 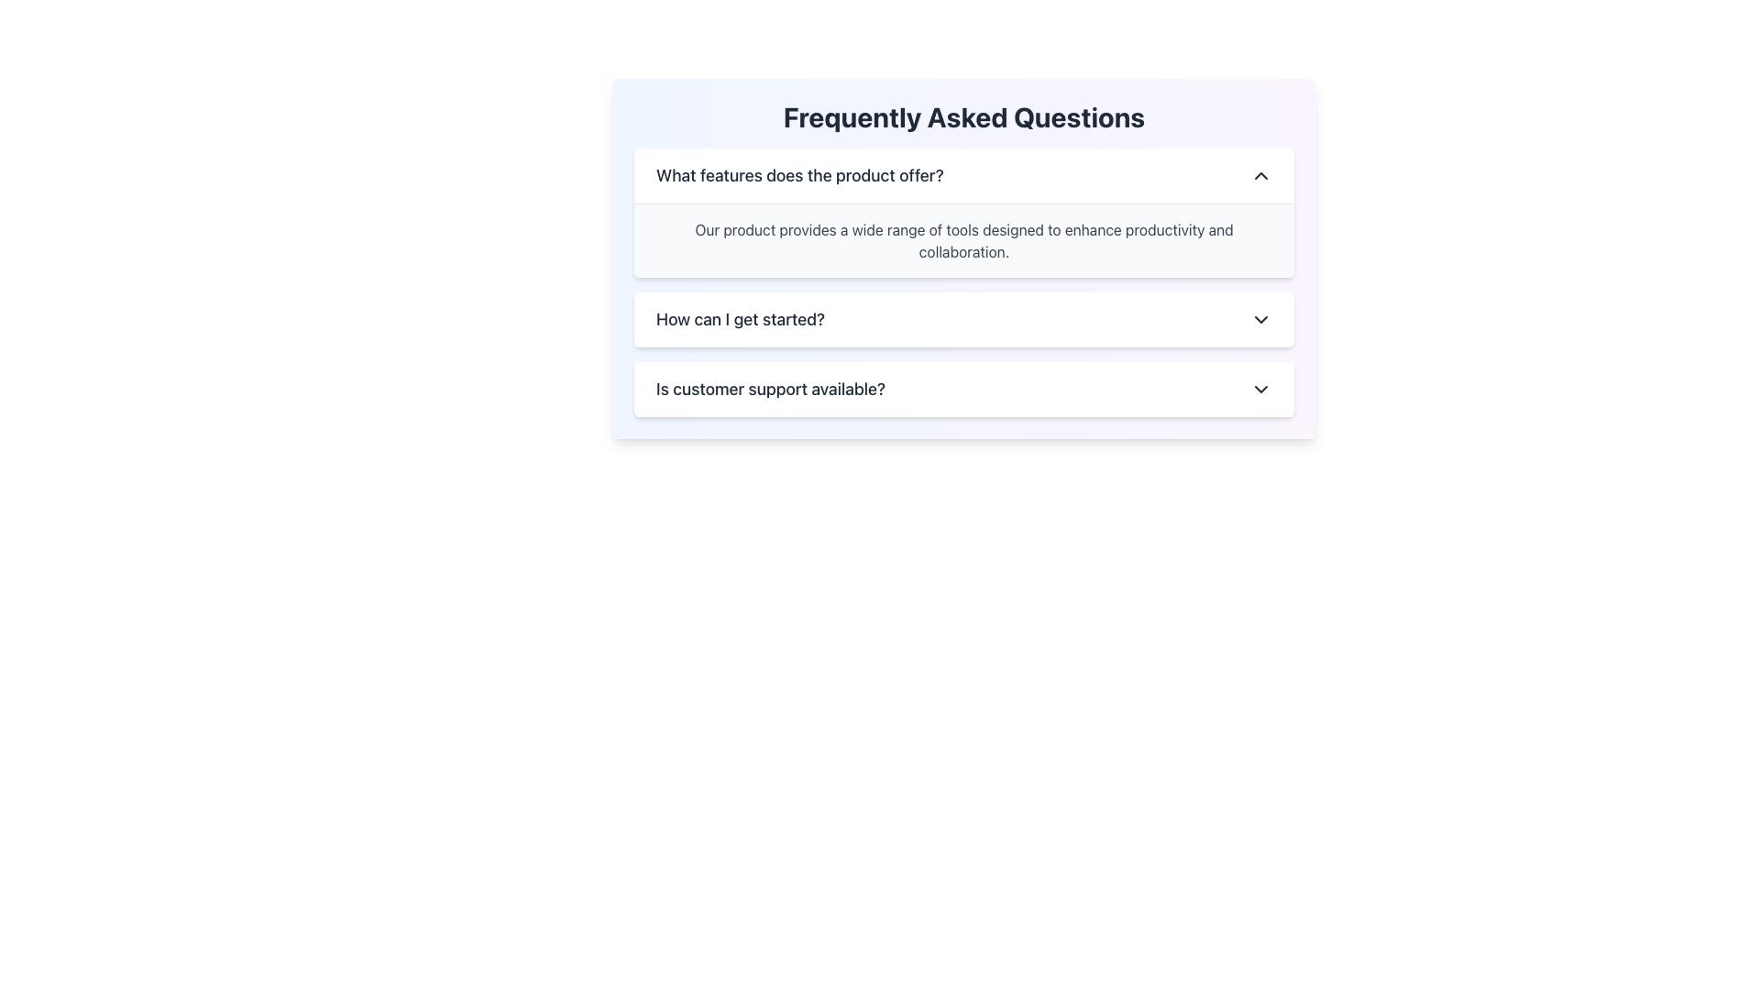 What do you see at coordinates (1260, 318) in the screenshot?
I see `the downward-pointing chevron icon located at the right end of the 'How can I get started?' button` at bounding box center [1260, 318].